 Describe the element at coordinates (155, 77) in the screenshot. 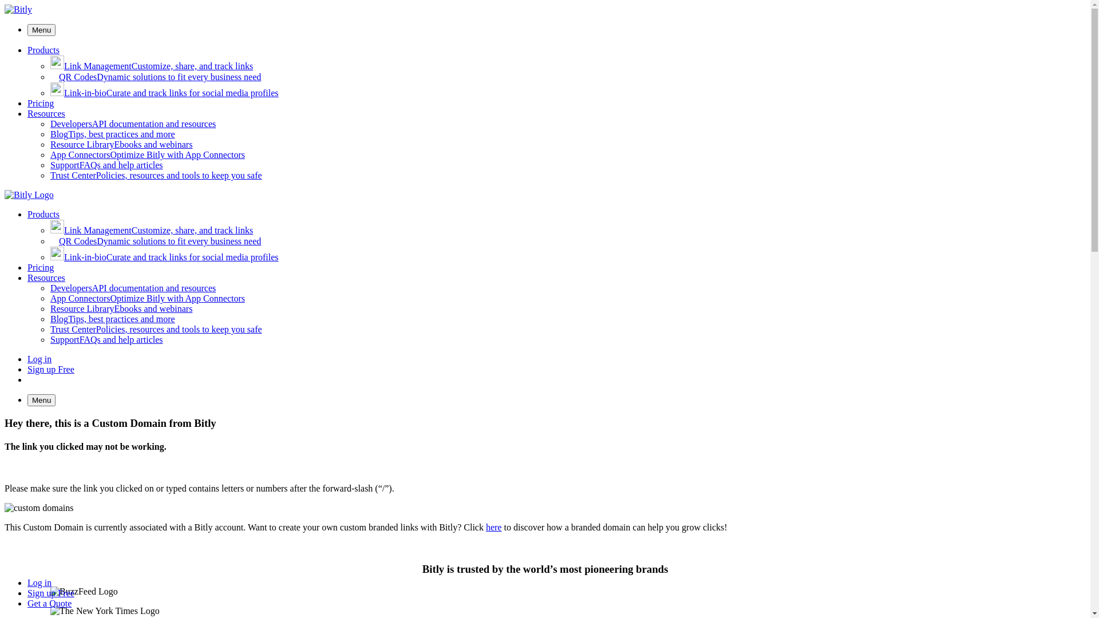

I see `'QR CodesDynamic solutions to fit every business need'` at that location.